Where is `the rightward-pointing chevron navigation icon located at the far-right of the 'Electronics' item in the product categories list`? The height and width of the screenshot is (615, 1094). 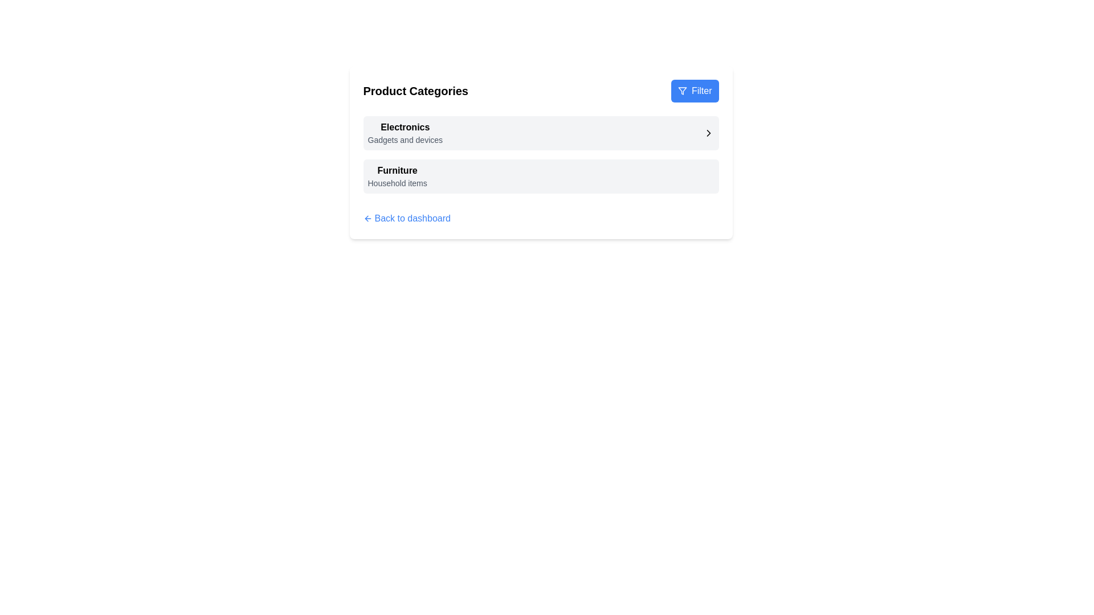 the rightward-pointing chevron navigation icon located at the far-right of the 'Electronics' item in the product categories list is located at coordinates (708, 133).